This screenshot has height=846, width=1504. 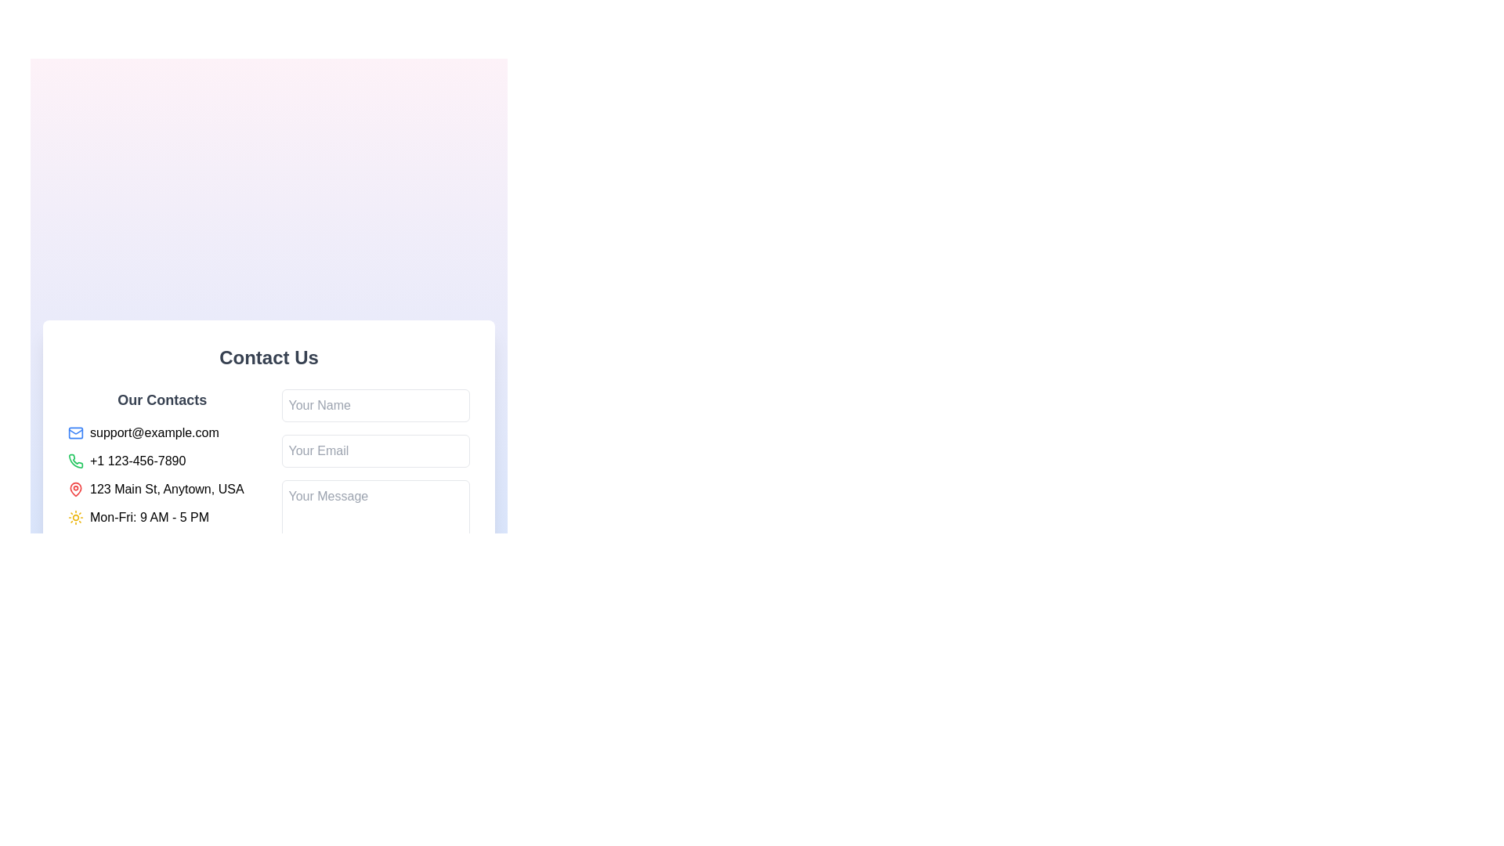 What do you see at coordinates (74, 488) in the screenshot?
I see `the geographical address icon next to the text '123 Main St, Anytown, USA' as a static visual cue` at bounding box center [74, 488].